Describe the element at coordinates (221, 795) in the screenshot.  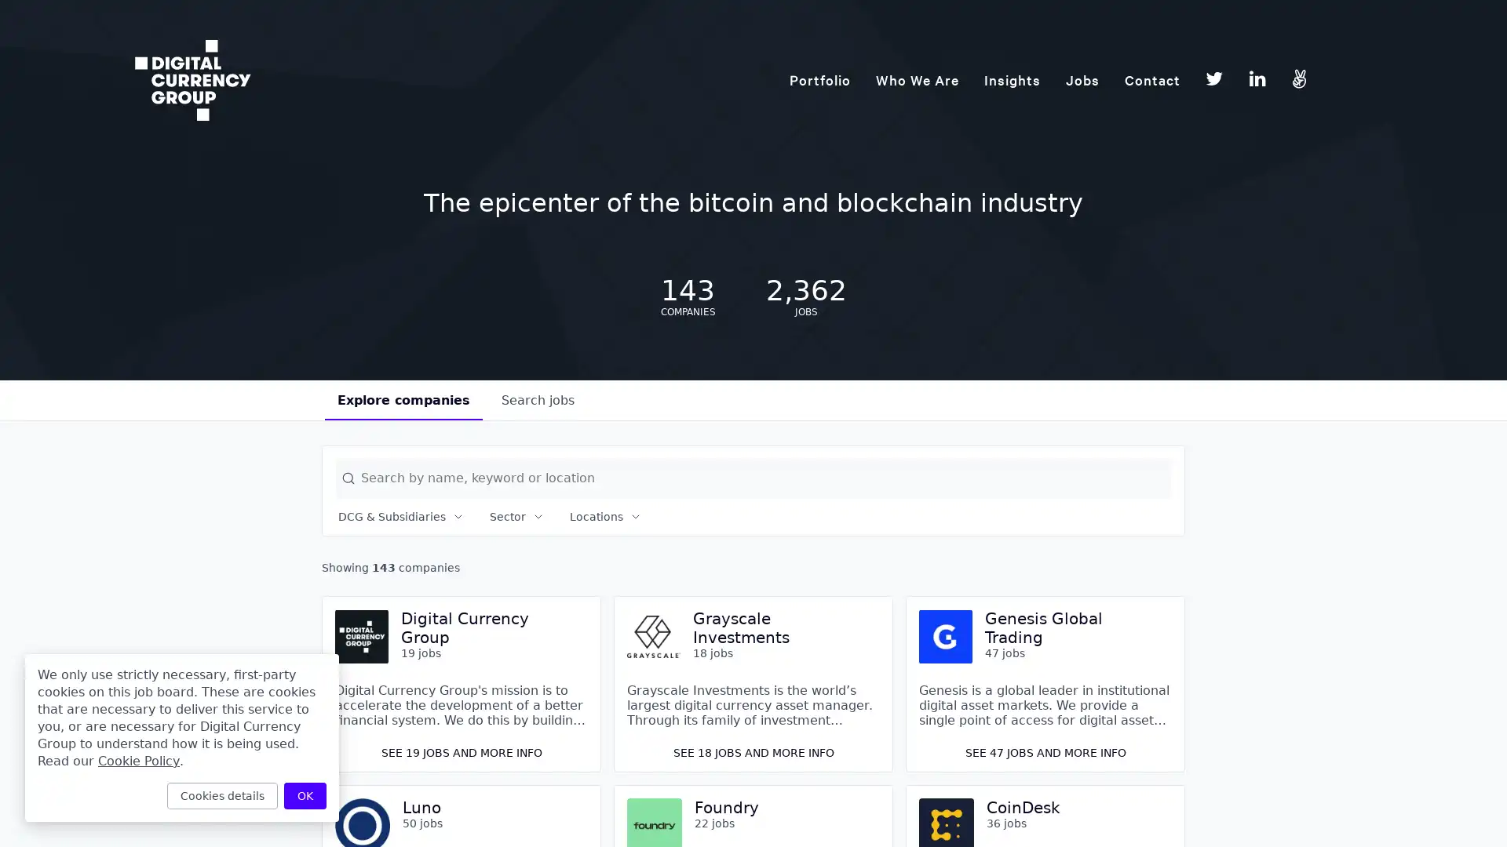
I see `Cookies details` at that location.